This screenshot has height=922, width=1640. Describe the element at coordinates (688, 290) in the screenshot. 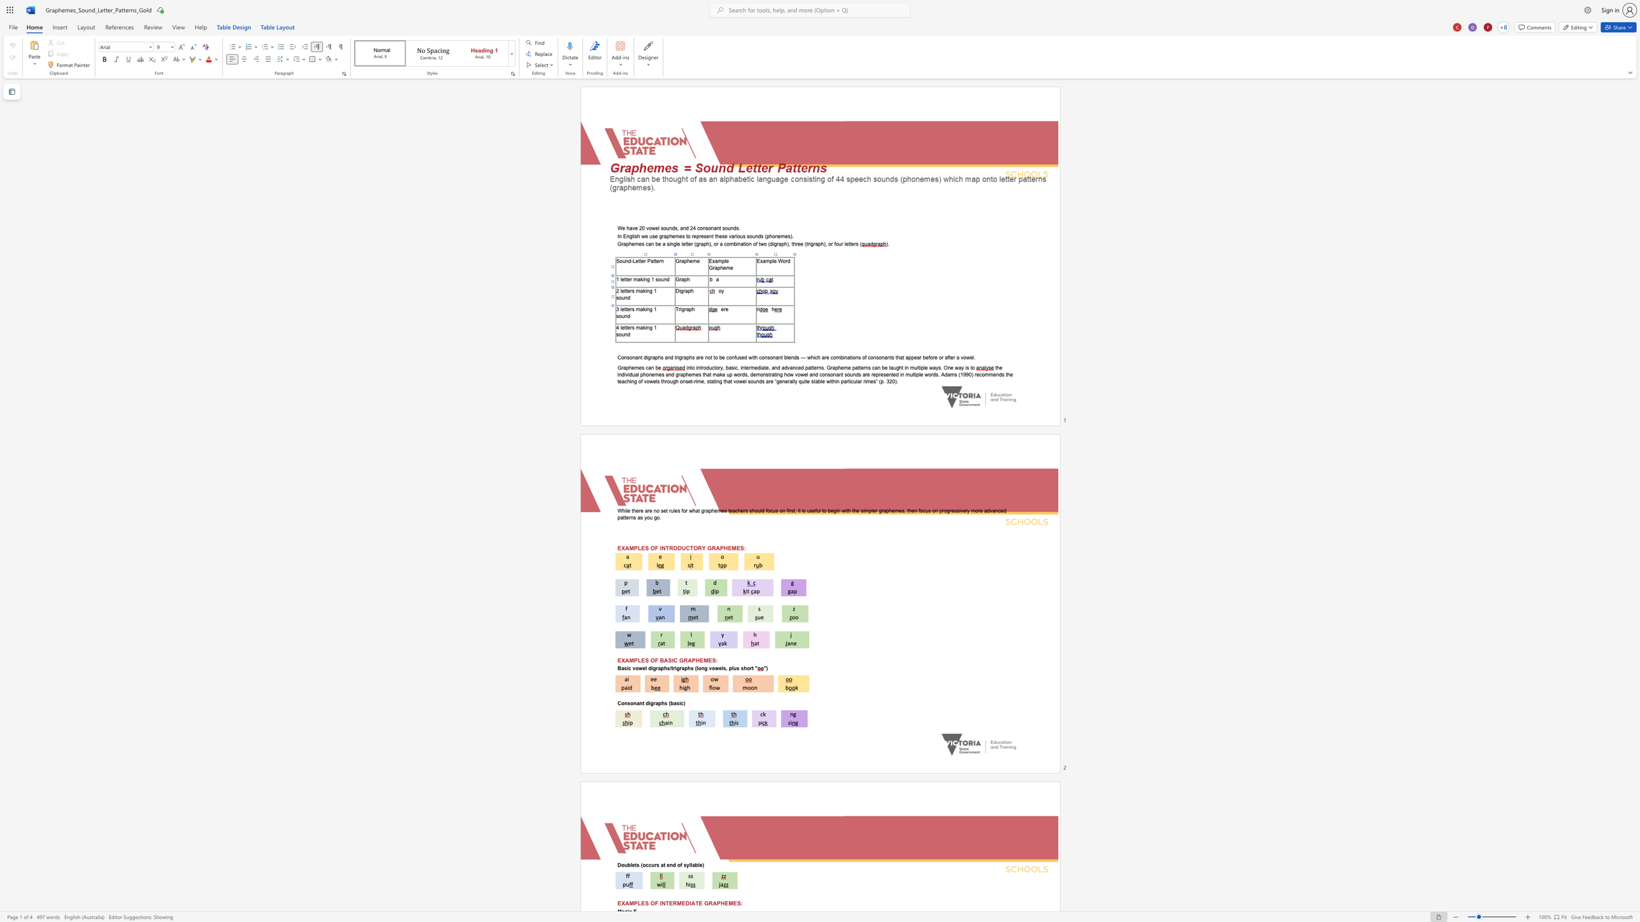

I see `the space between the continuous character "a" and "p" in the text` at that location.